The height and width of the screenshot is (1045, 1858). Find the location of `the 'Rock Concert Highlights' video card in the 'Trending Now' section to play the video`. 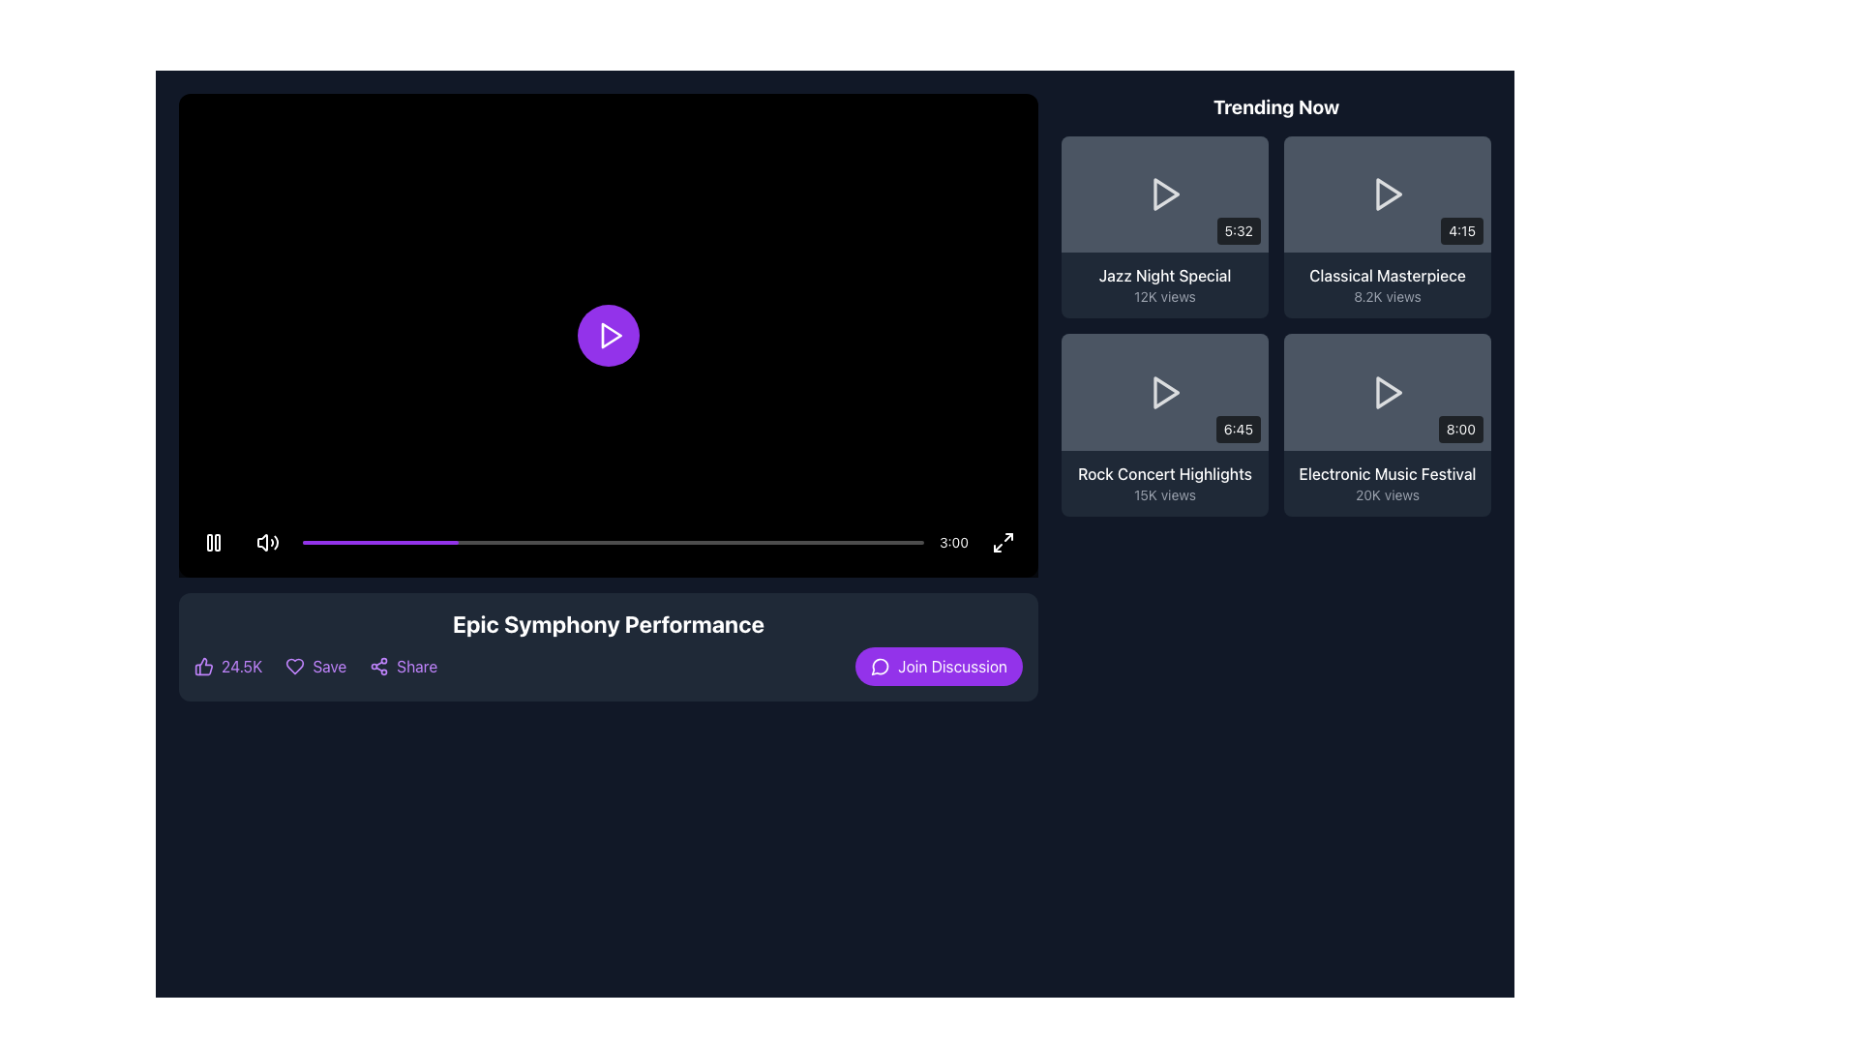

the 'Rock Concert Highlights' video card in the 'Trending Now' section to play the video is located at coordinates (1164, 424).